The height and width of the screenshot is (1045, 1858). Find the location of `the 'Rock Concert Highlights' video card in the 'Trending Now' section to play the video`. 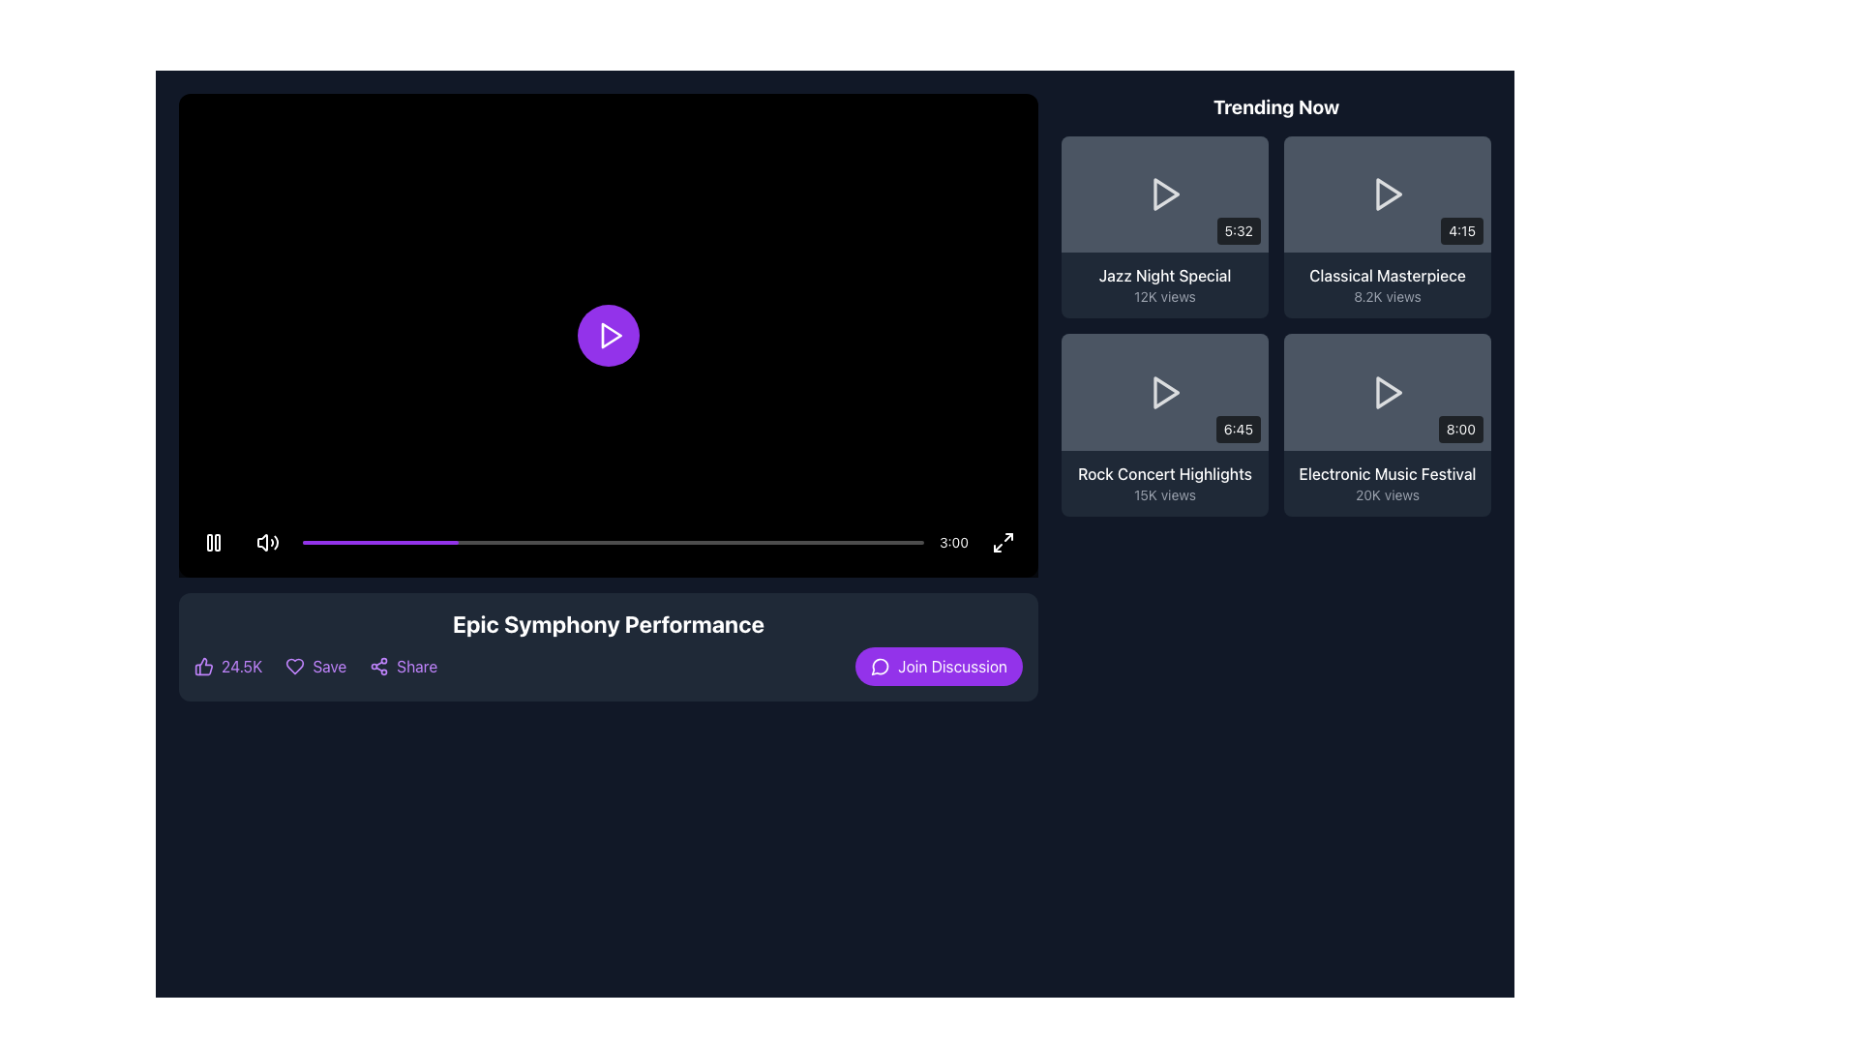

the 'Rock Concert Highlights' video card in the 'Trending Now' section to play the video is located at coordinates (1164, 424).